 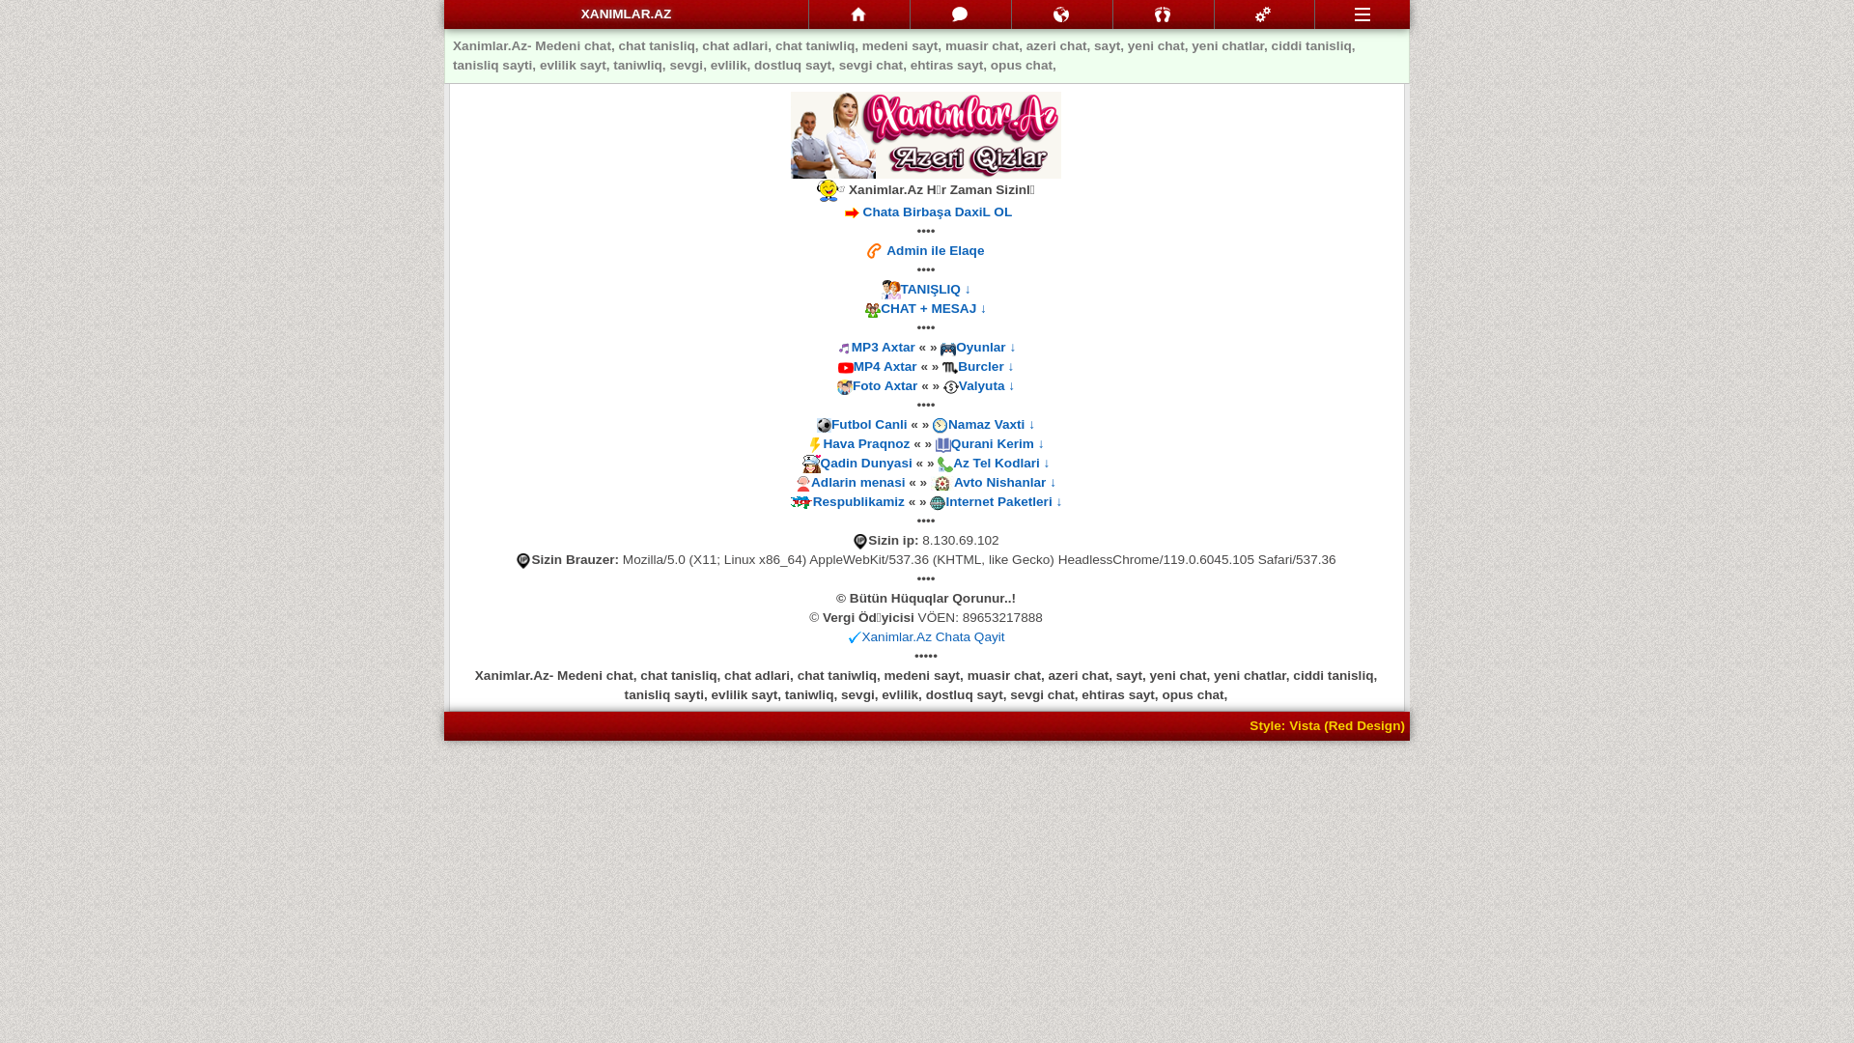 I want to click on 'MP4 Axtar', so click(x=884, y=366).